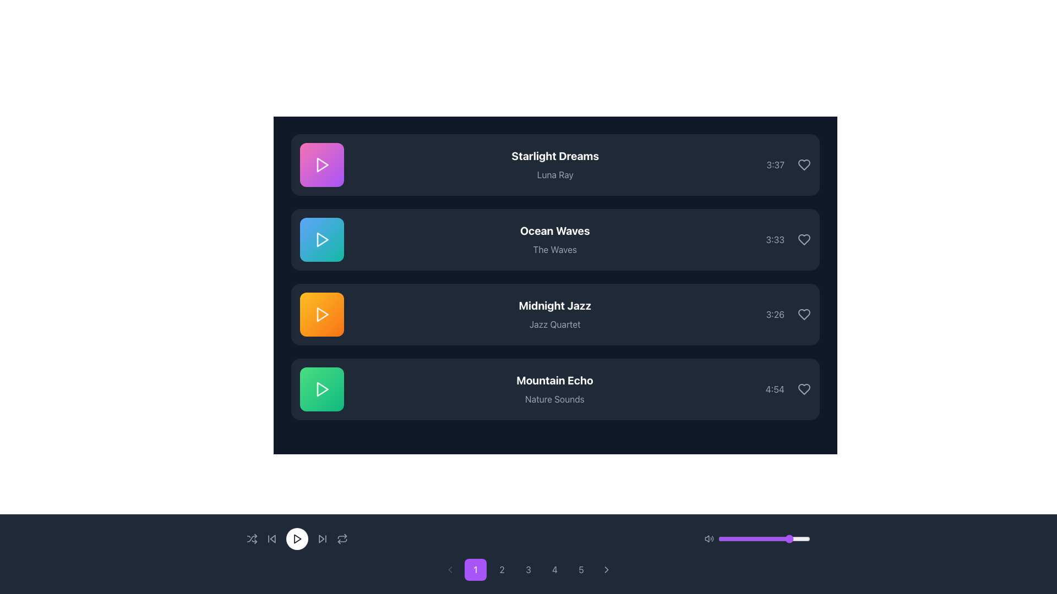  What do you see at coordinates (272, 538) in the screenshot?
I see `the backward skip button, which is a triangular icon pointing left, located second from the left` at bounding box center [272, 538].